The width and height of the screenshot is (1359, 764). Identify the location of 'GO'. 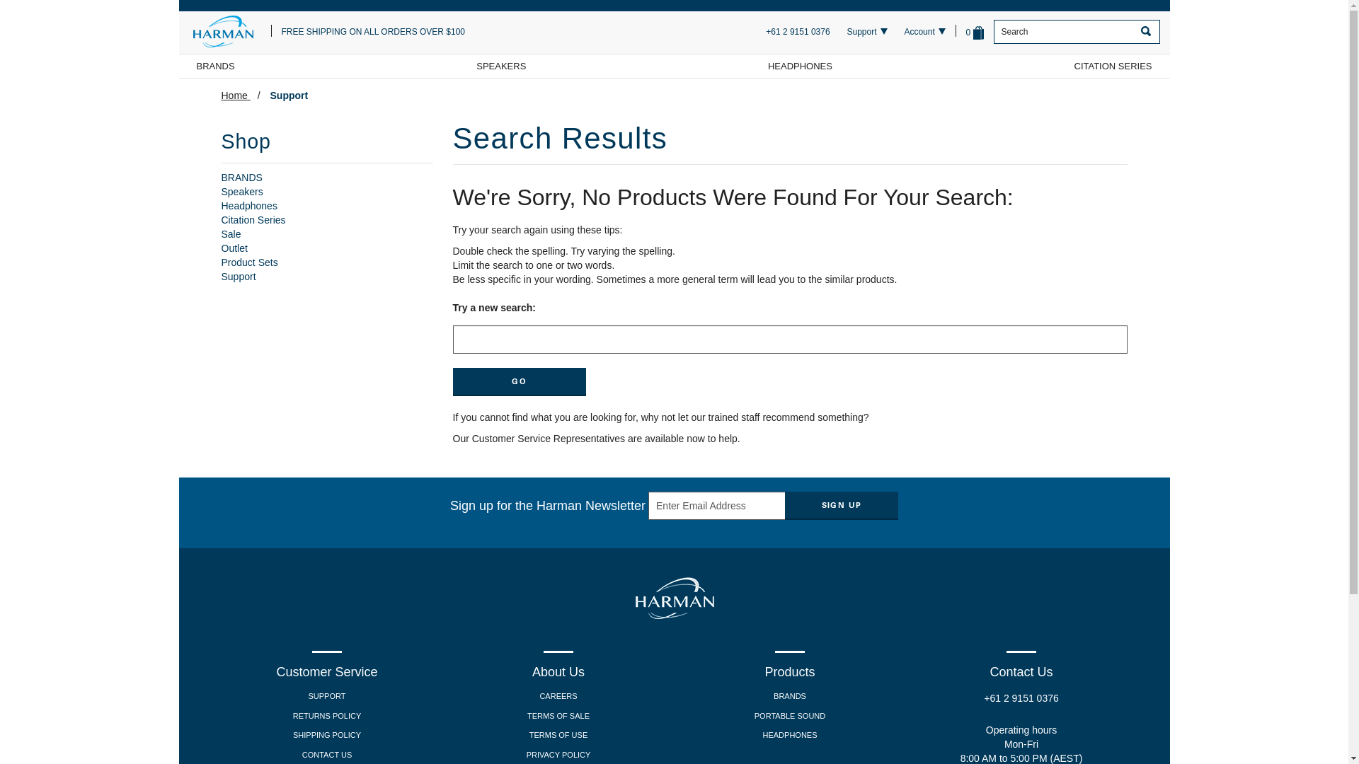
(519, 382).